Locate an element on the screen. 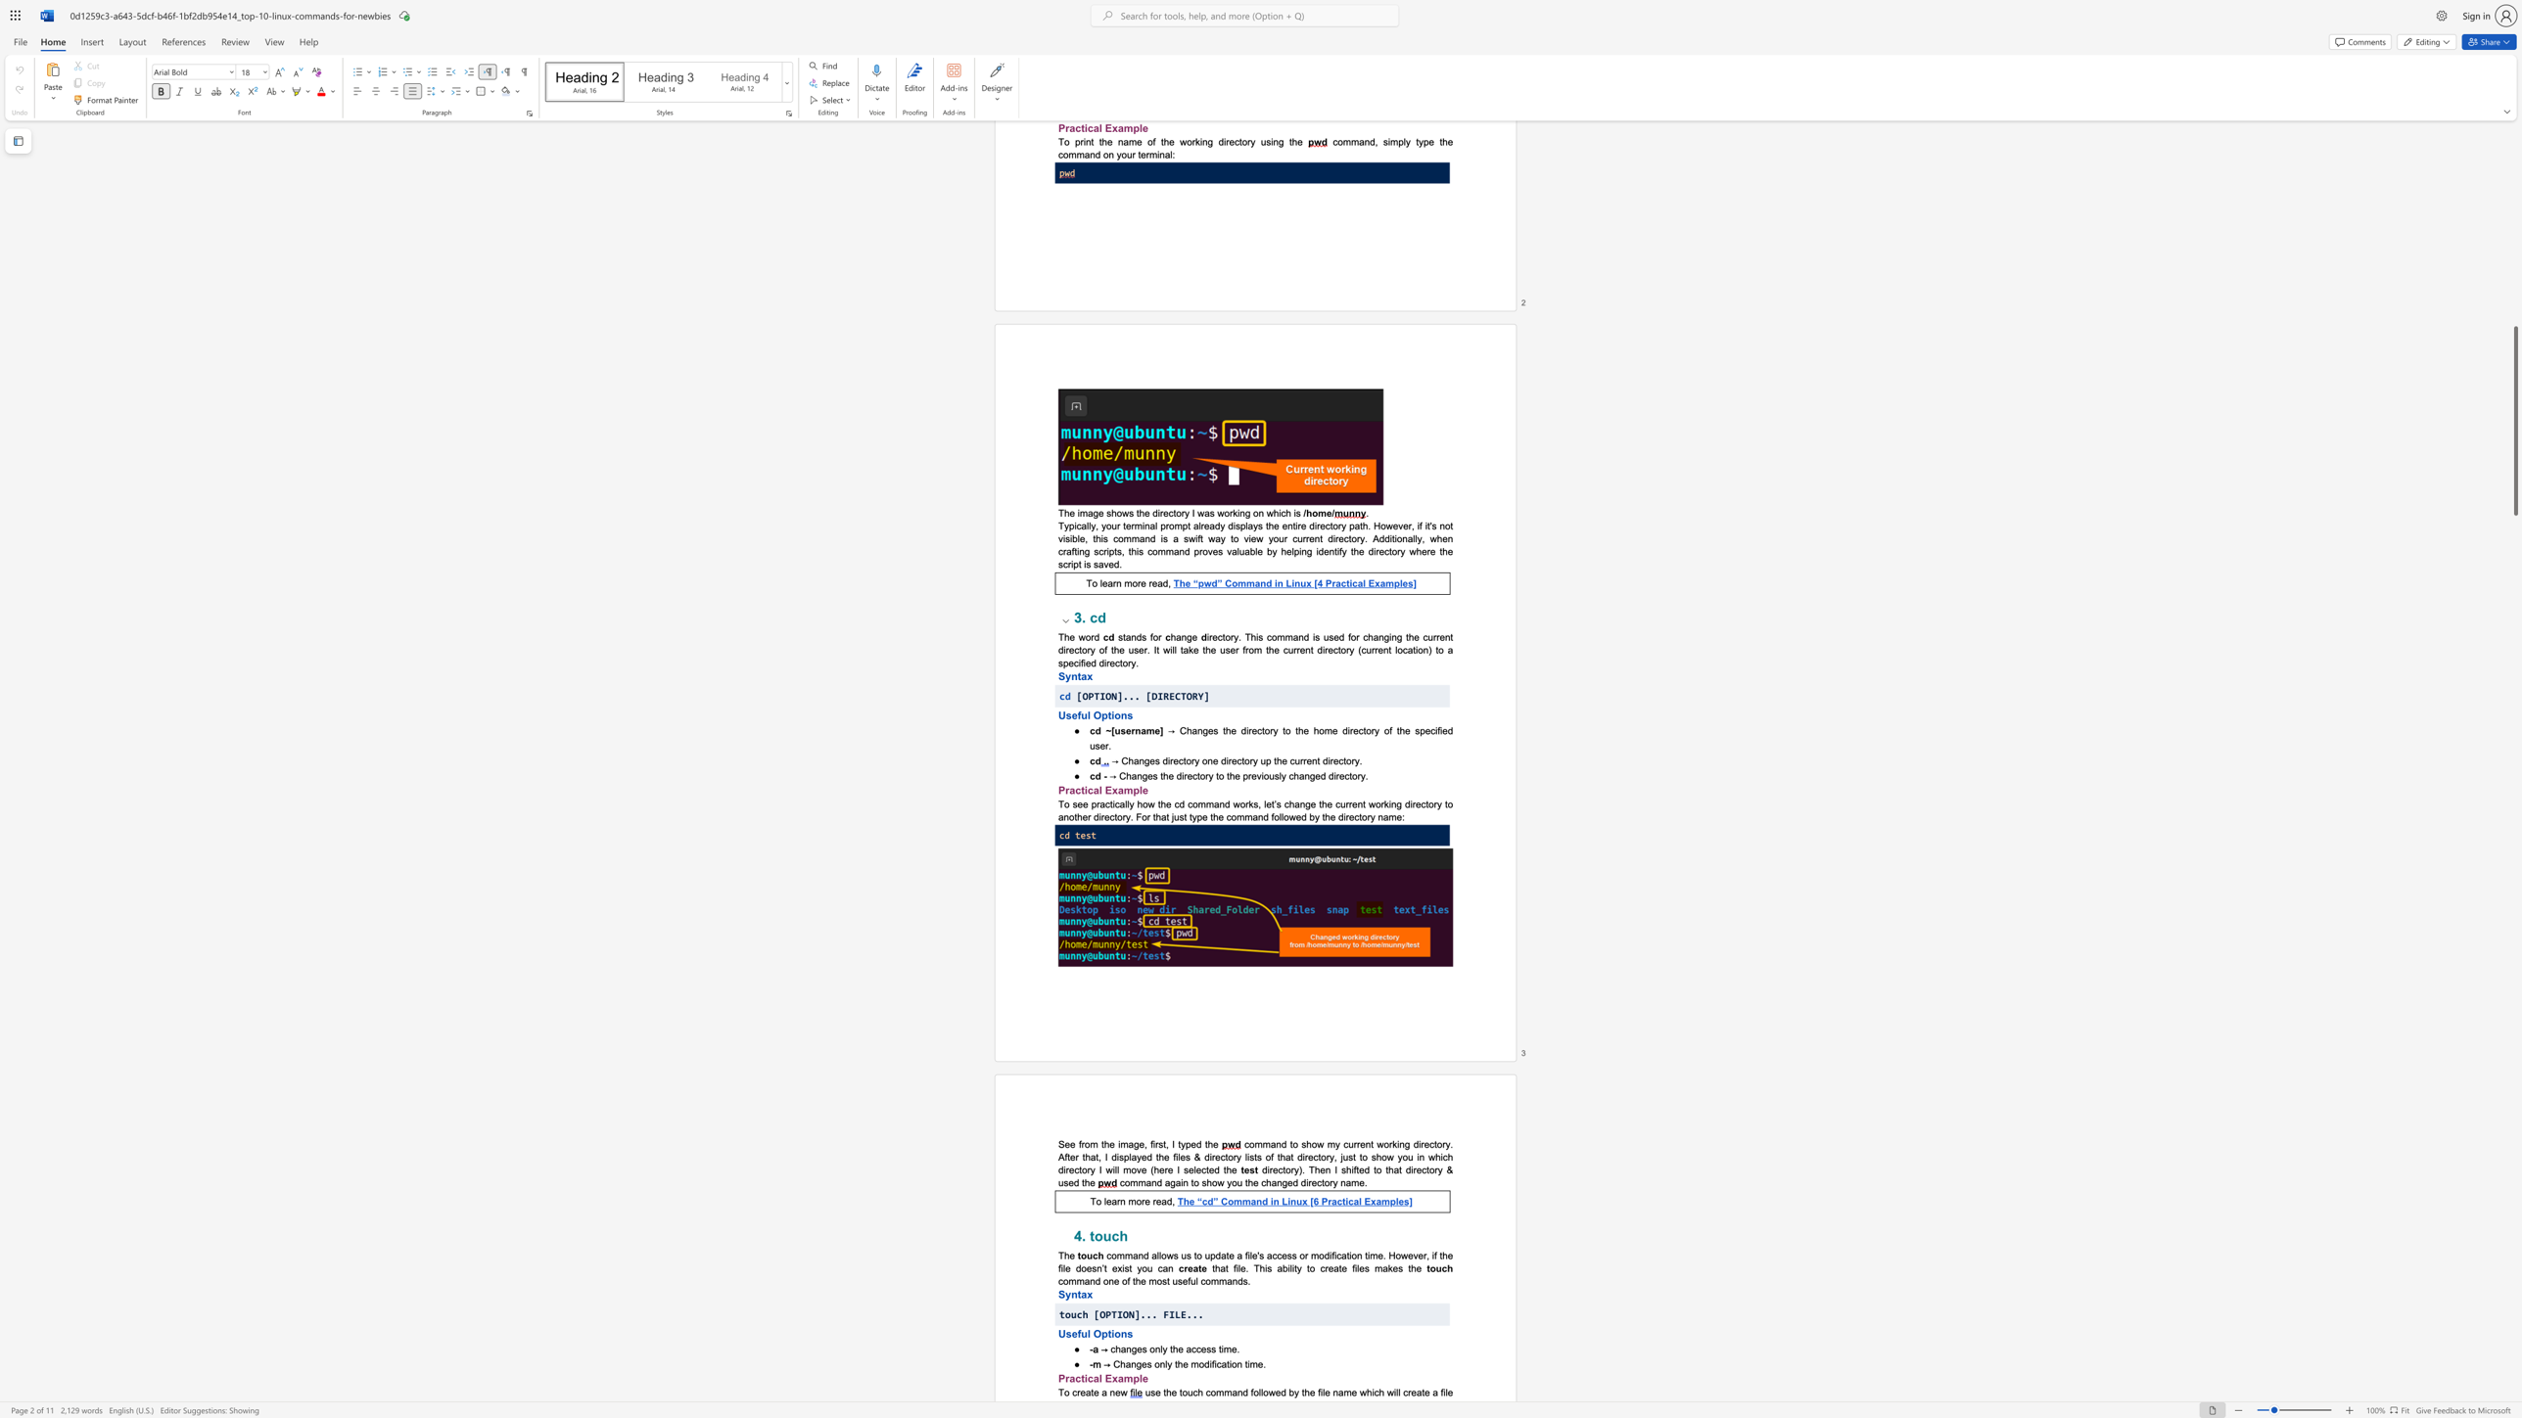 This screenshot has height=1418, width=2522. the 2th character "o" in the text is located at coordinates (1241, 803).